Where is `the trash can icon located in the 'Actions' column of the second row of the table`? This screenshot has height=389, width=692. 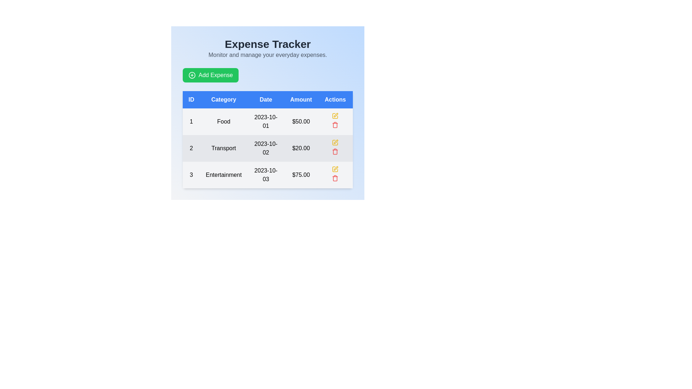
the trash can icon located in the 'Actions' column of the second row of the table is located at coordinates (335, 125).